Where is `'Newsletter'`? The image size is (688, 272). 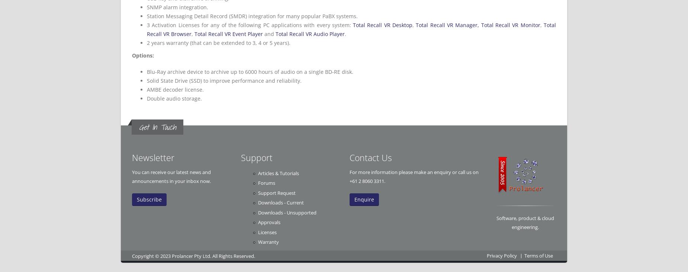
'Newsletter' is located at coordinates (152, 158).